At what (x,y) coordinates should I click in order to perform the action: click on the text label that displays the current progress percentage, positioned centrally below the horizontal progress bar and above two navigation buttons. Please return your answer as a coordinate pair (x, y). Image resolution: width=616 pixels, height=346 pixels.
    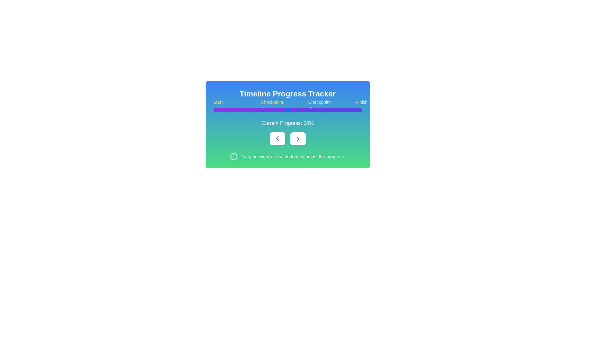
    Looking at the image, I should click on (287, 123).